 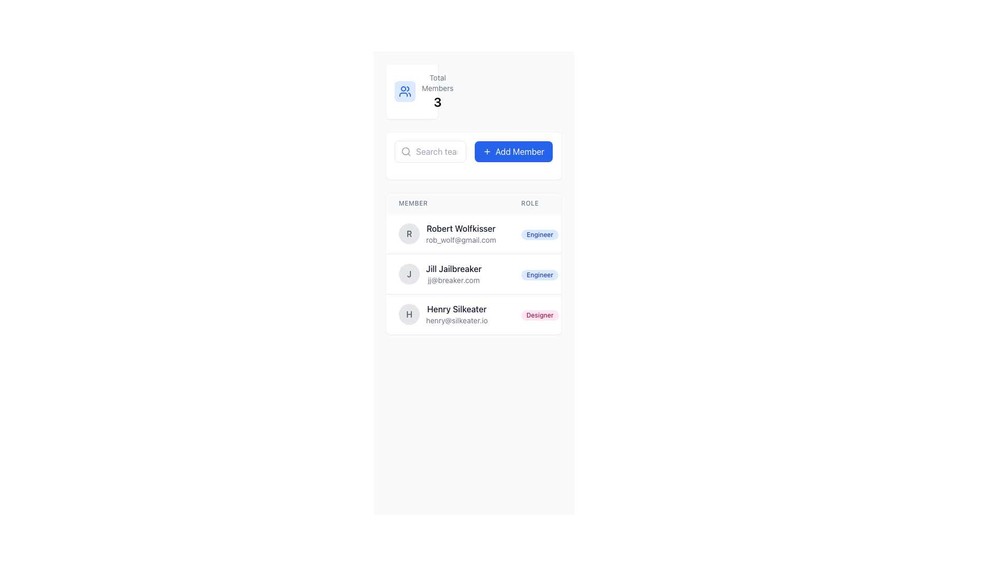 What do you see at coordinates (438, 91) in the screenshot?
I see `the displayed information in the 'Total Members' label, which shows the count '3' in a prominent manner` at bounding box center [438, 91].